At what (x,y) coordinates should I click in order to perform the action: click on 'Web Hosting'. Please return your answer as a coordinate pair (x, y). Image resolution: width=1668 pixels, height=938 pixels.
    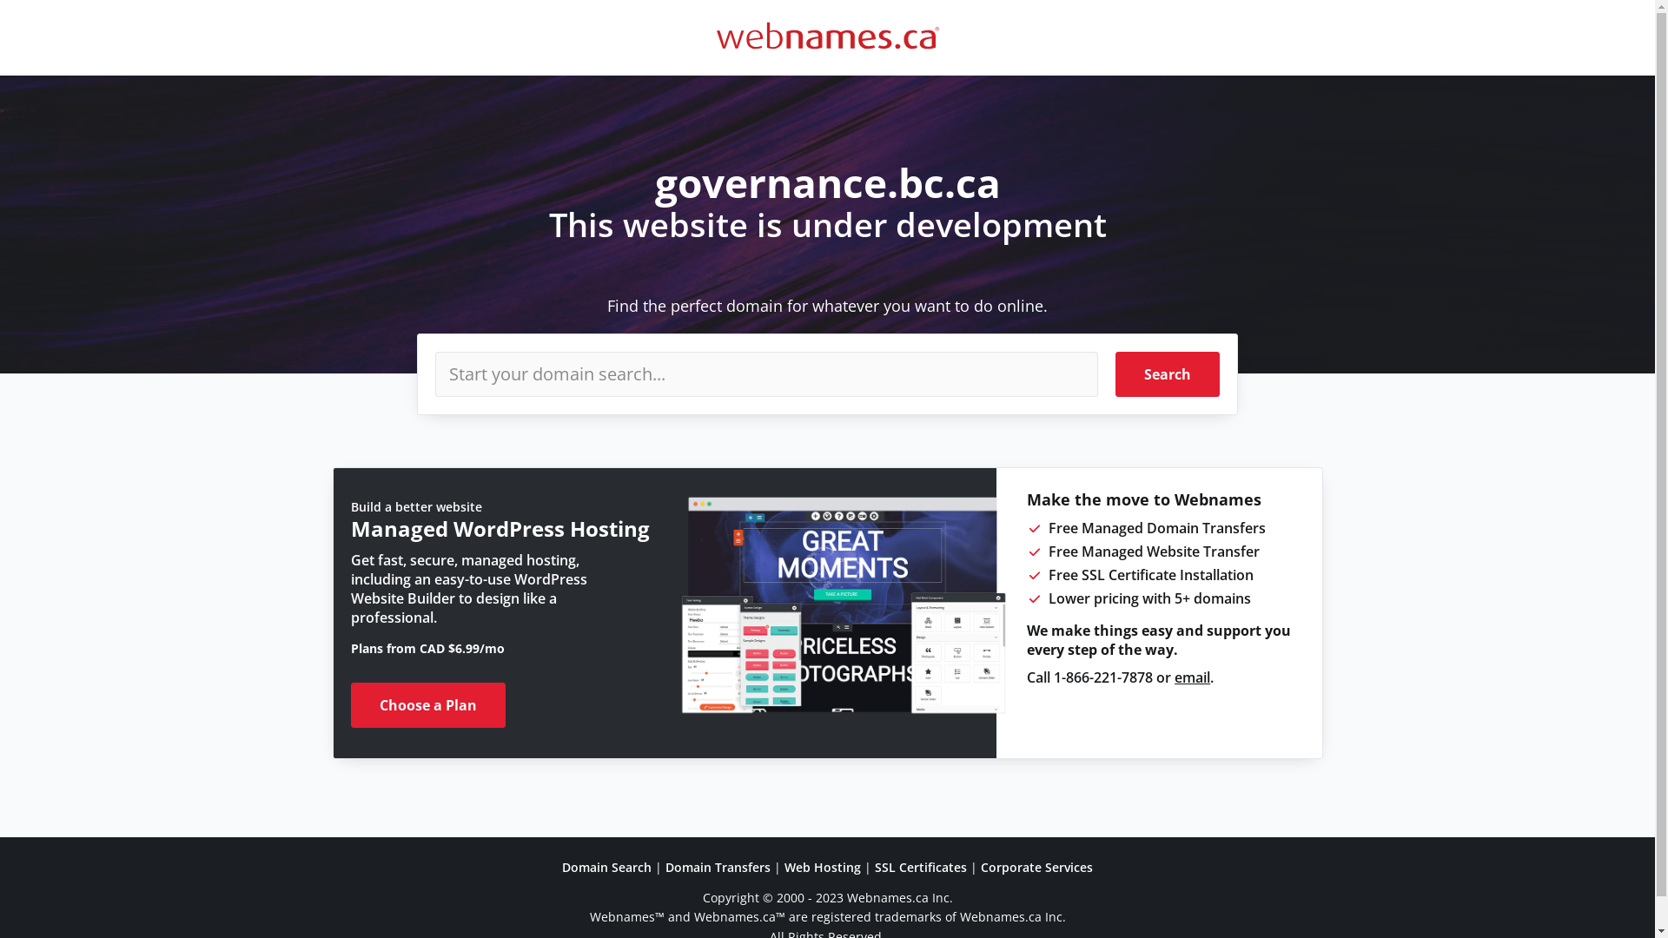
    Looking at the image, I should click on (821, 867).